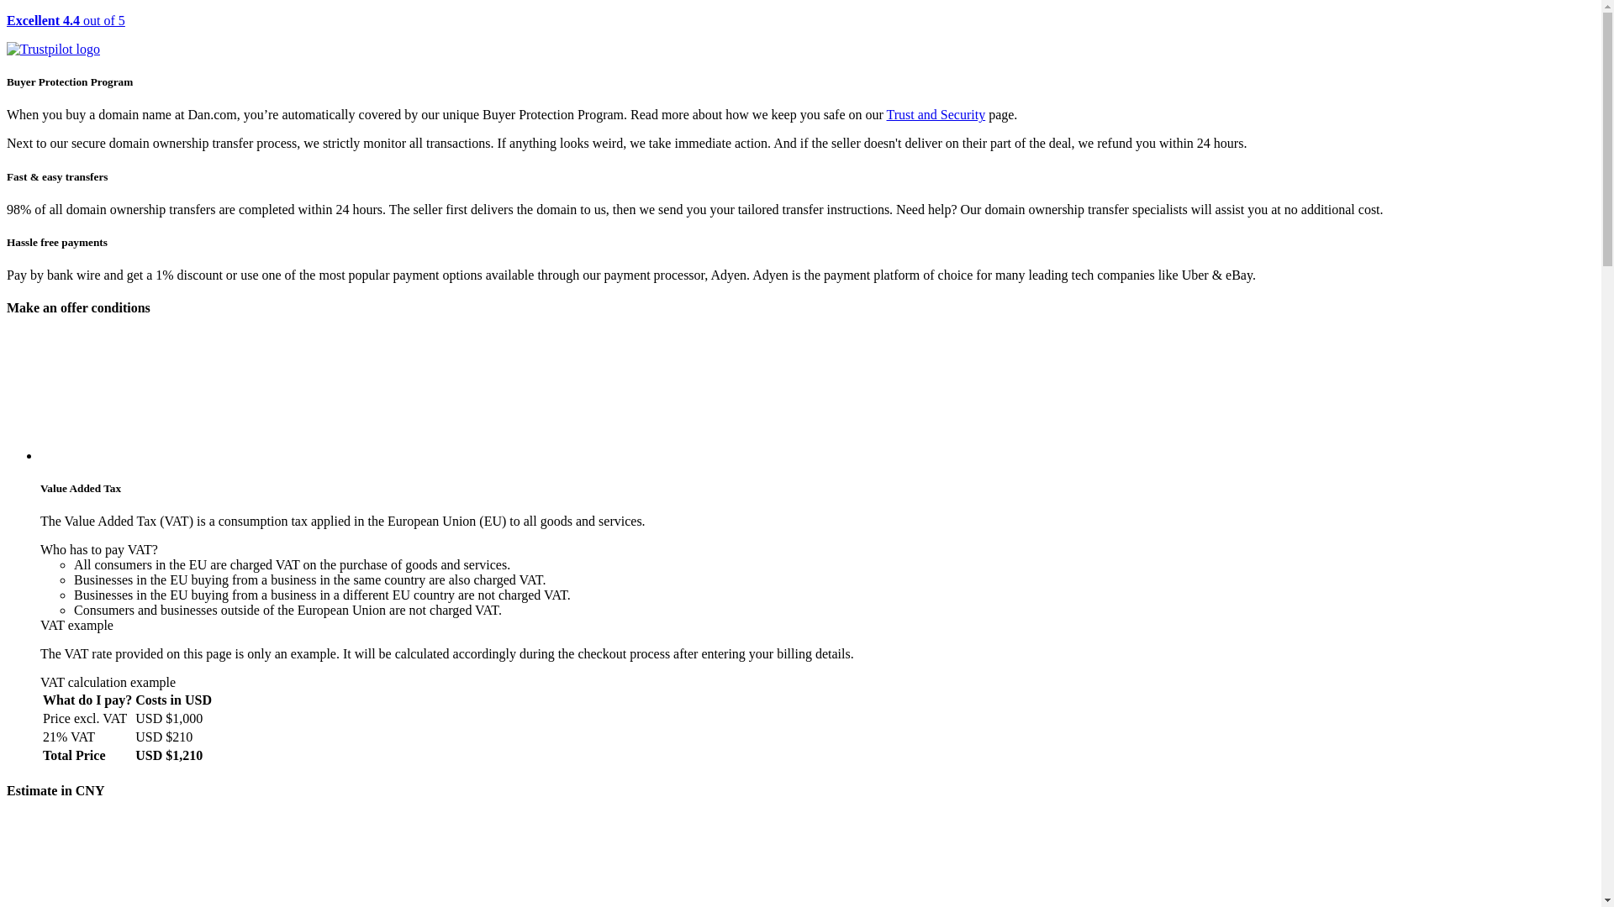 The image size is (1614, 907). Describe the element at coordinates (935, 113) in the screenshot. I see `'Trust and Security'` at that location.